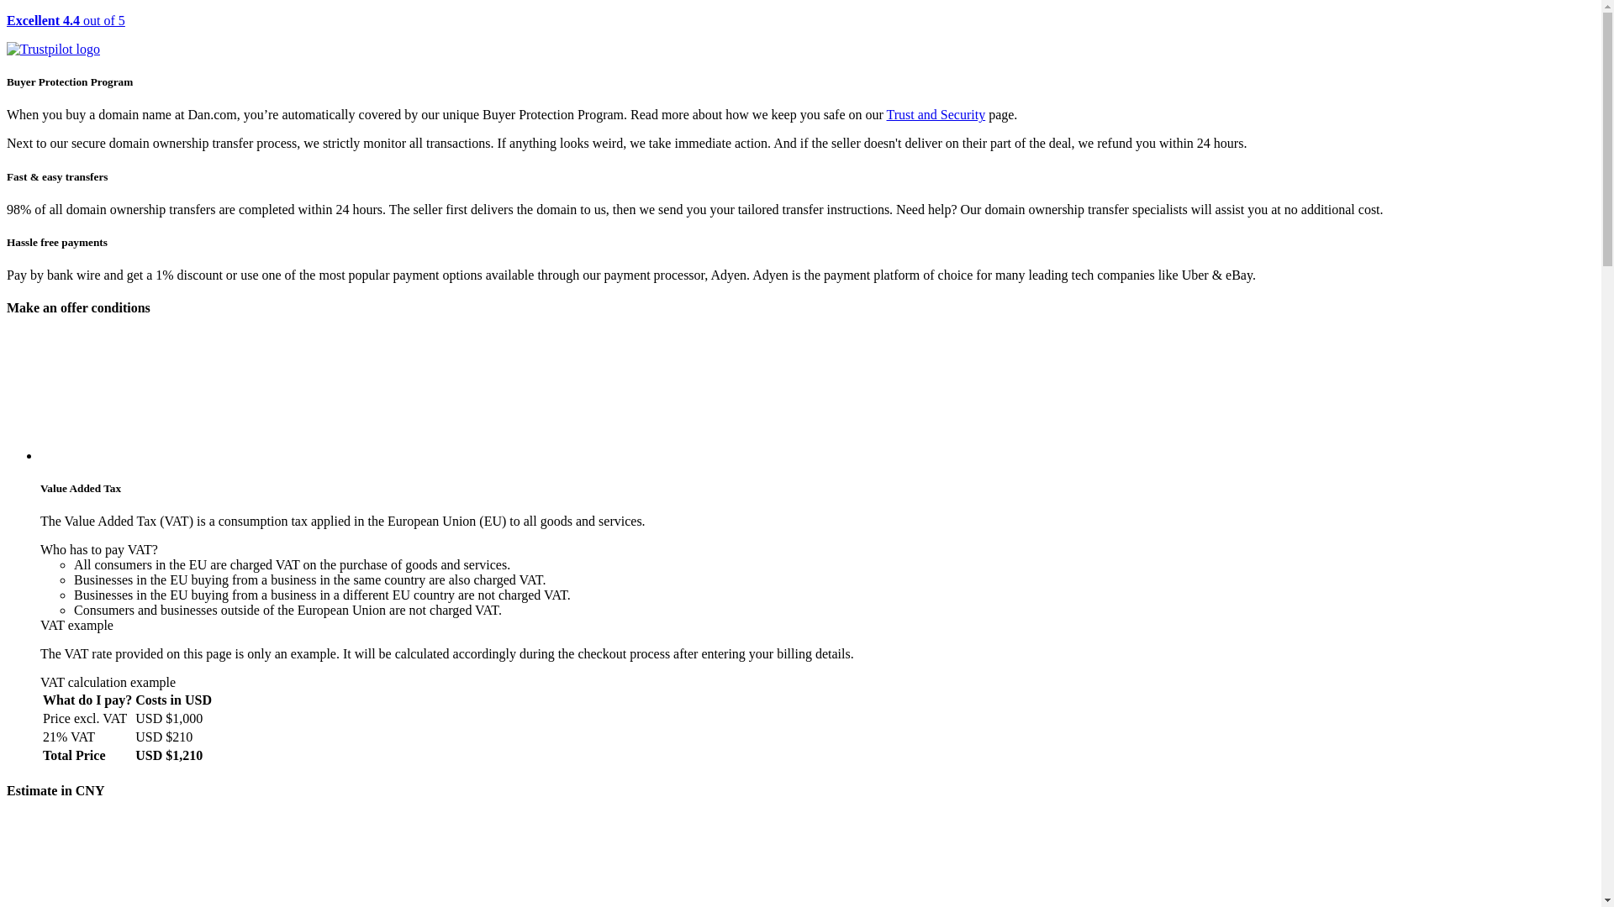 The image size is (1614, 907). Describe the element at coordinates (935, 113) in the screenshot. I see `'Trust and Security'` at that location.